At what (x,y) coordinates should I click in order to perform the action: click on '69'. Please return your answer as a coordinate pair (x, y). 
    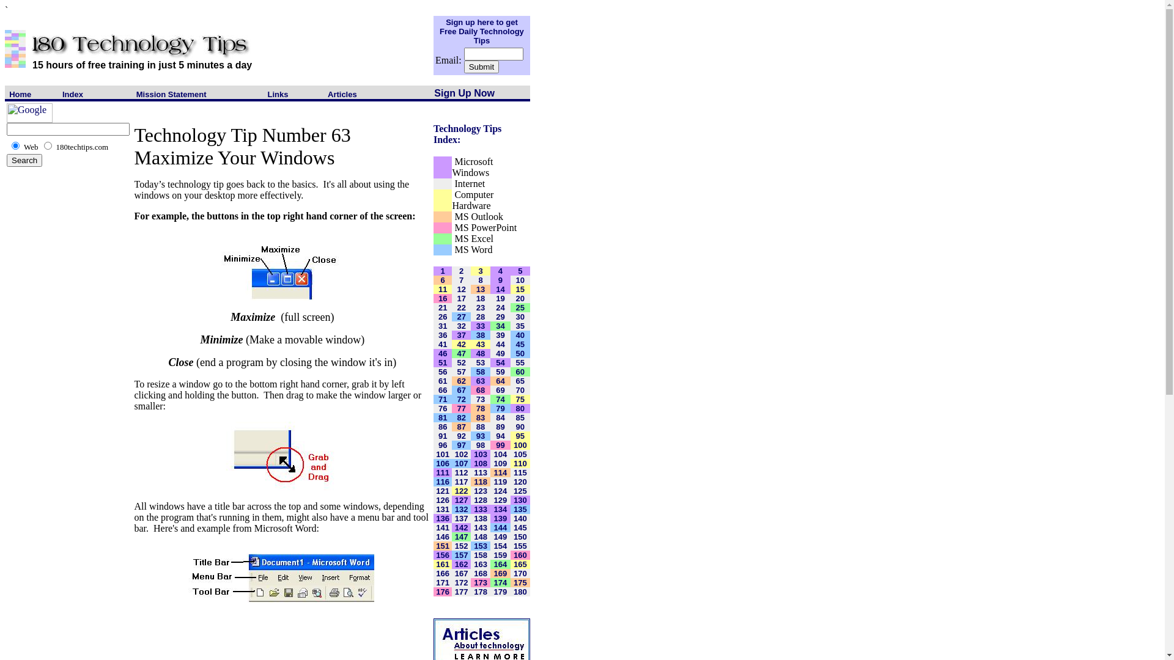
    Looking at the image, I should click on (500, 390).